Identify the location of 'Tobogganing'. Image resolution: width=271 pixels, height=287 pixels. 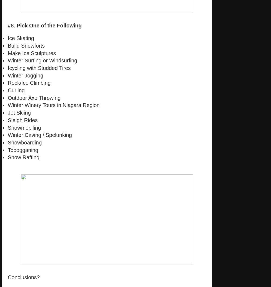
(8, 150).